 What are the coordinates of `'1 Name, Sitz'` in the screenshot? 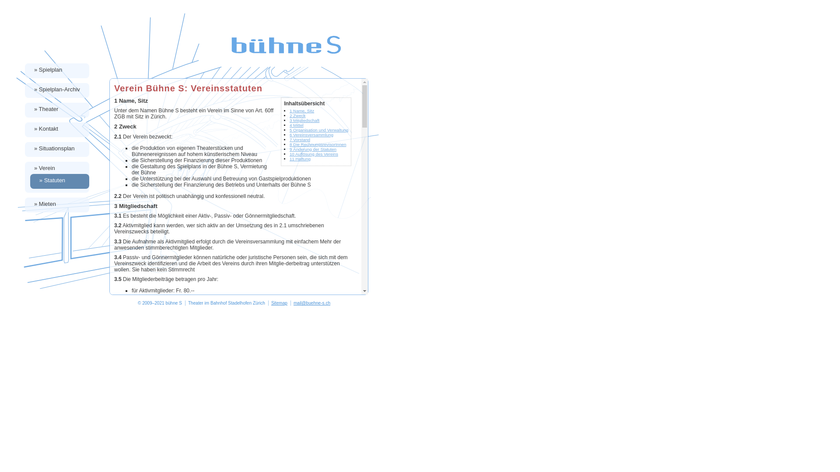 It's located at (302, 110).